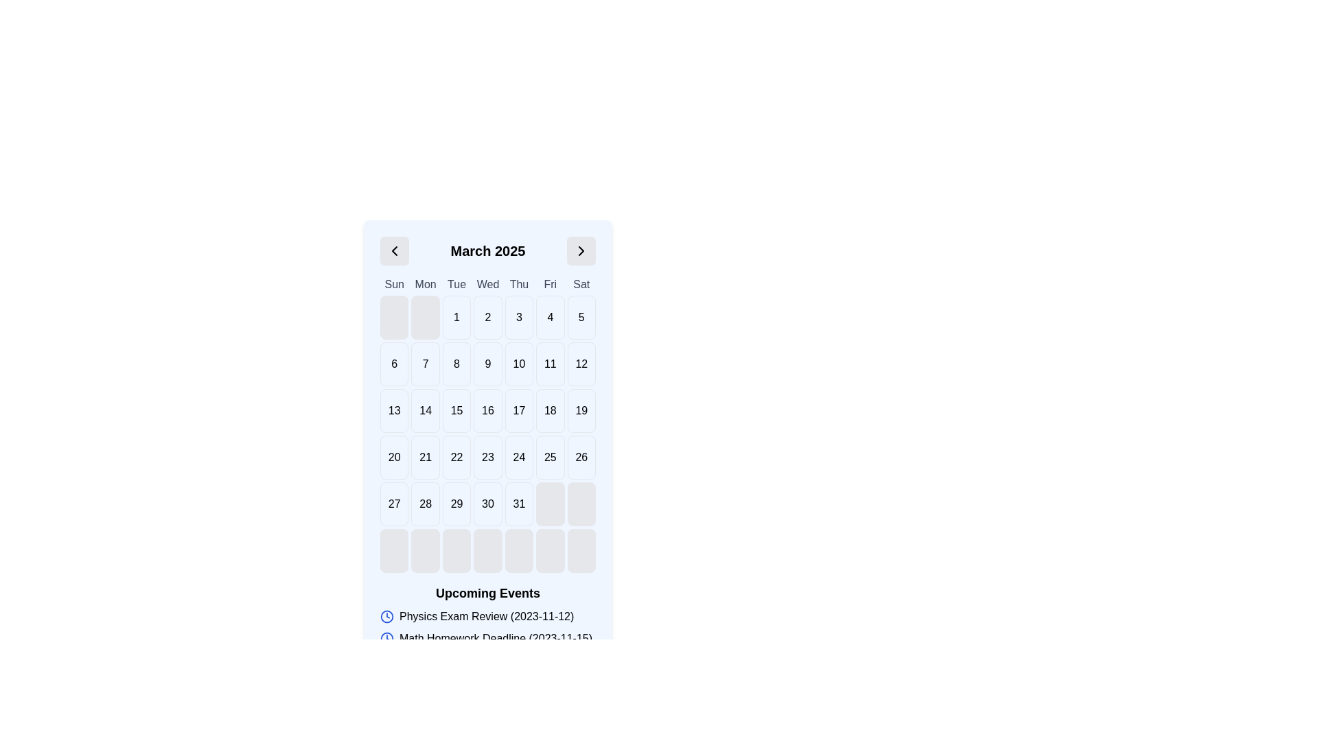 This screenshot has width=1318, height=741. What do you see at coordinates (550, 410) in the screenshot?
I see `the calendar date cell representing the 18th day` at bounding box center [550, 410].